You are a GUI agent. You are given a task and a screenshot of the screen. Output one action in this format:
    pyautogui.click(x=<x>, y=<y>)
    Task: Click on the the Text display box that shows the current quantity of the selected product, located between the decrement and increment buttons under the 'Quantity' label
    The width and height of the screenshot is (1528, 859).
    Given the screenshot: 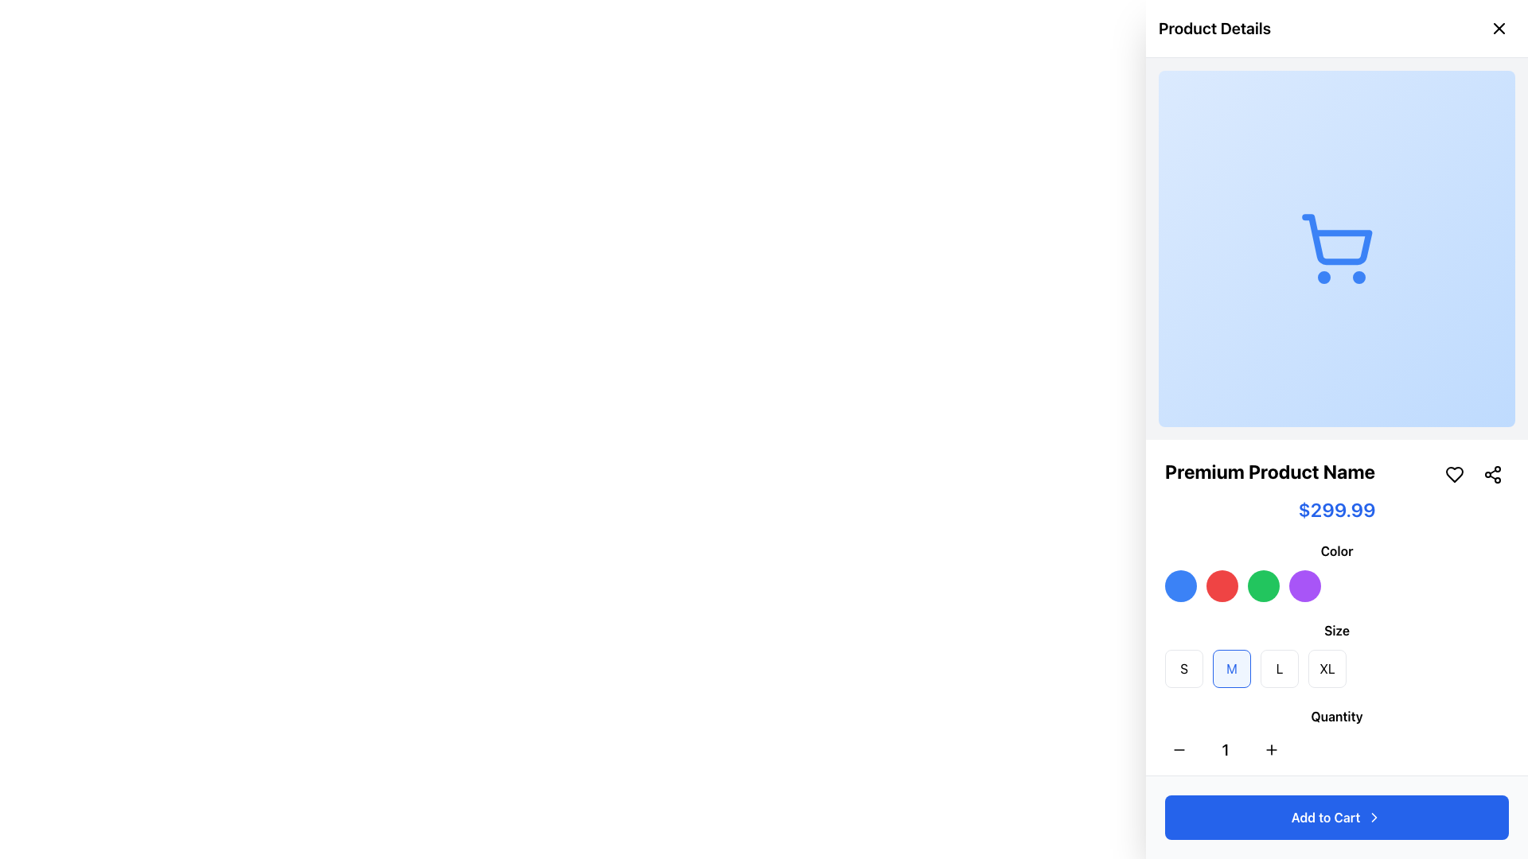 What is the action you would take?
    pyautogui.click(x=1225, y=749)
    